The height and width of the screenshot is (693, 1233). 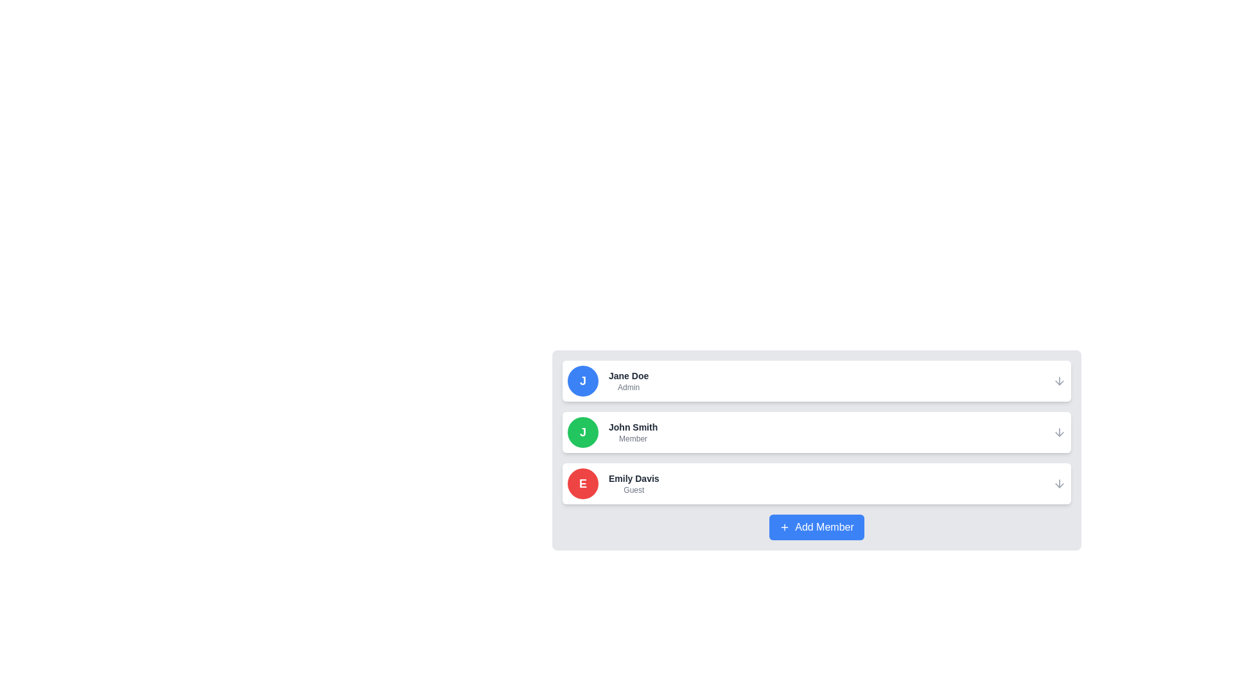 What do you see at coordinates (633, 432) in the screenshot?
I see `text from the Text Block that displays the user's name and role information, located in the second row of a vertical list, adjacent to a green circular icon with the letter 'J'` at bounding box center [633, 432].